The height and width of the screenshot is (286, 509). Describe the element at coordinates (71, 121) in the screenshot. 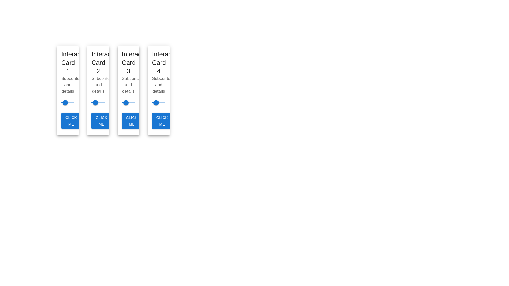

I see `the rectangular button with a bold blue background and white text 'CLICK ME' located at the bottom of the first interactive card` at that location.